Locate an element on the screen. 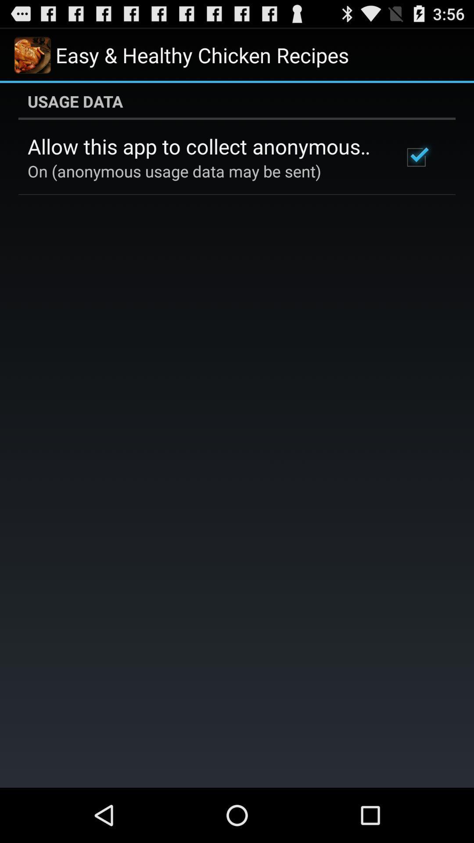  the app next to the allow this app is located at coordinates (416, 157).